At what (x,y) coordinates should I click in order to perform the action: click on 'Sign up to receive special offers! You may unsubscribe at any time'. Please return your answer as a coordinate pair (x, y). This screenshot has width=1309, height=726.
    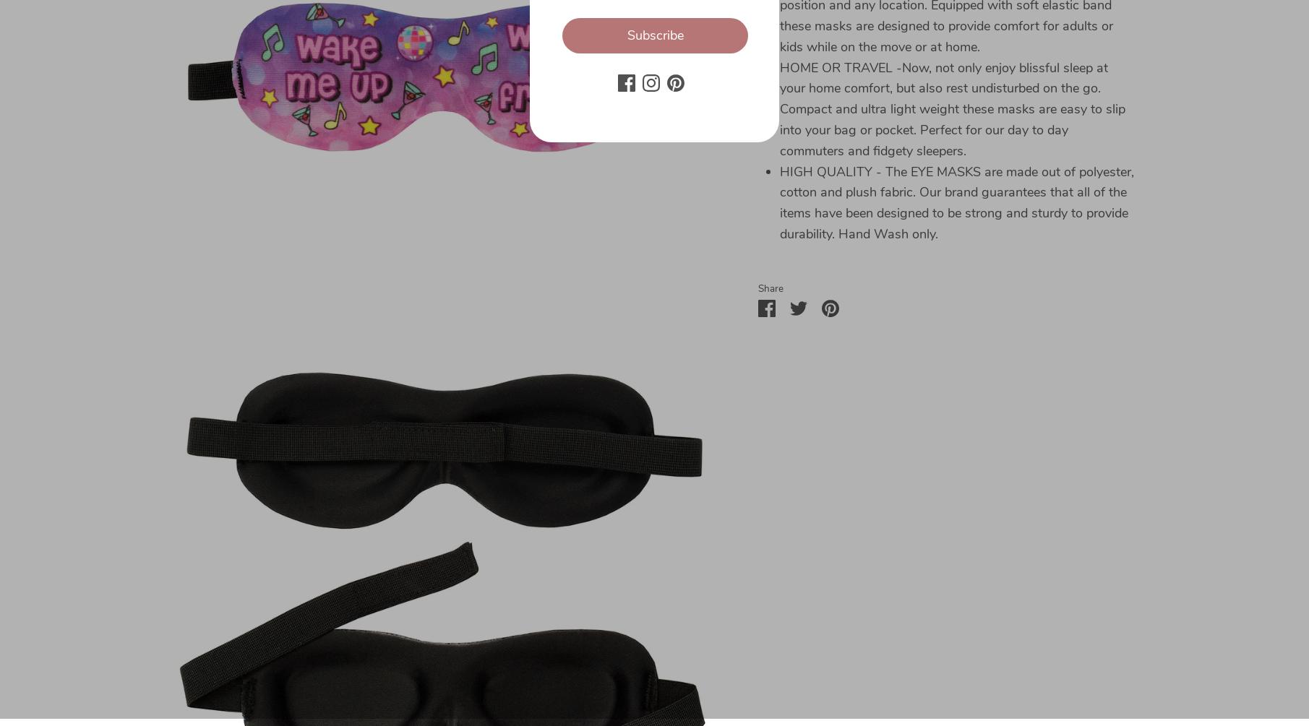
    Looking at the image, I should click on (653, 314).